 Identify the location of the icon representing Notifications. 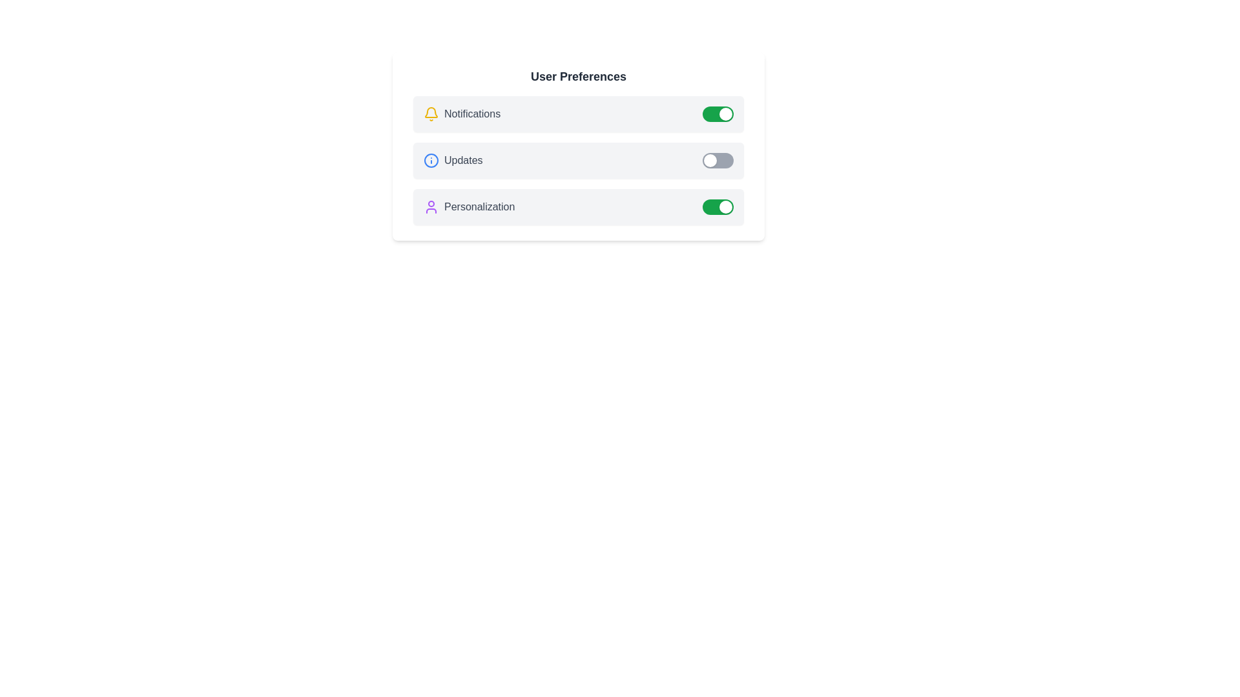
(431, 114).